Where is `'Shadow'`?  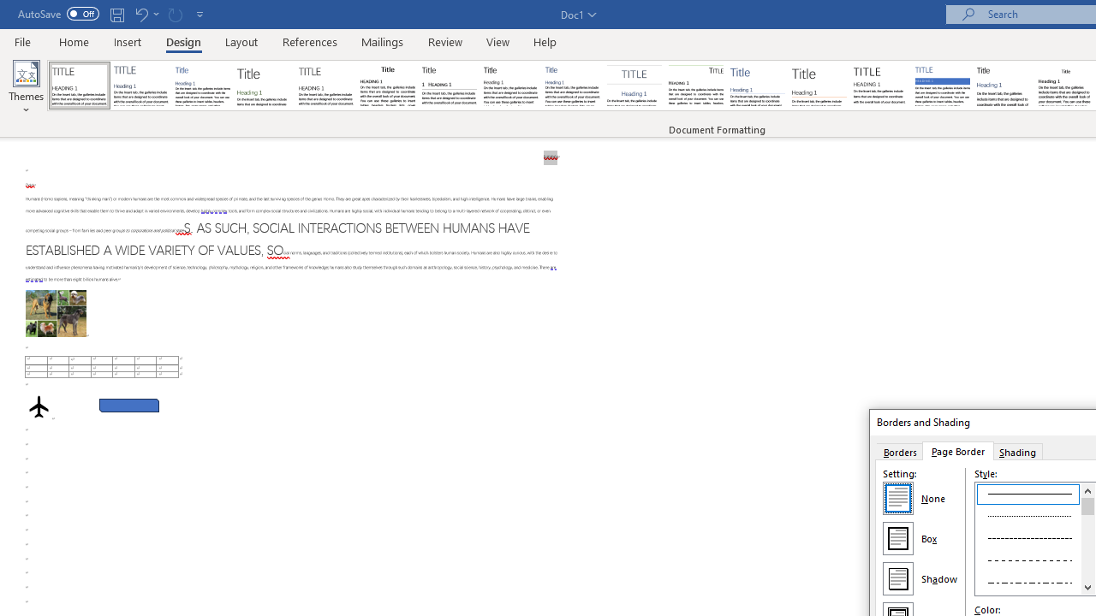 'Shadow' is located at coordinates (896, 577).